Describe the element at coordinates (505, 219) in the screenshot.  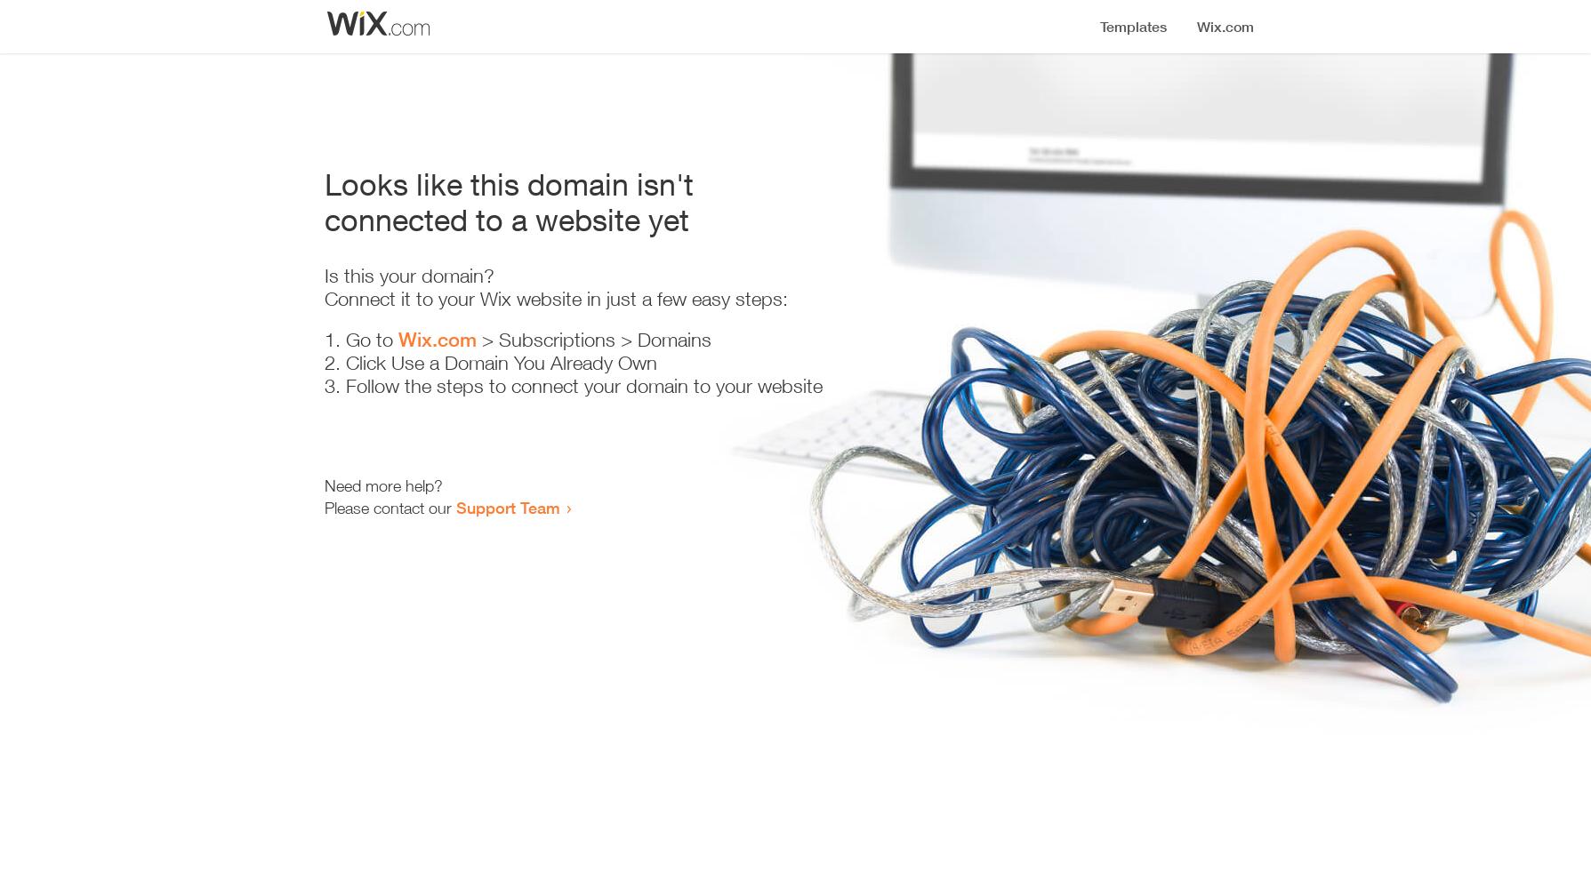
I see `'connected to a website yet'` at that location.